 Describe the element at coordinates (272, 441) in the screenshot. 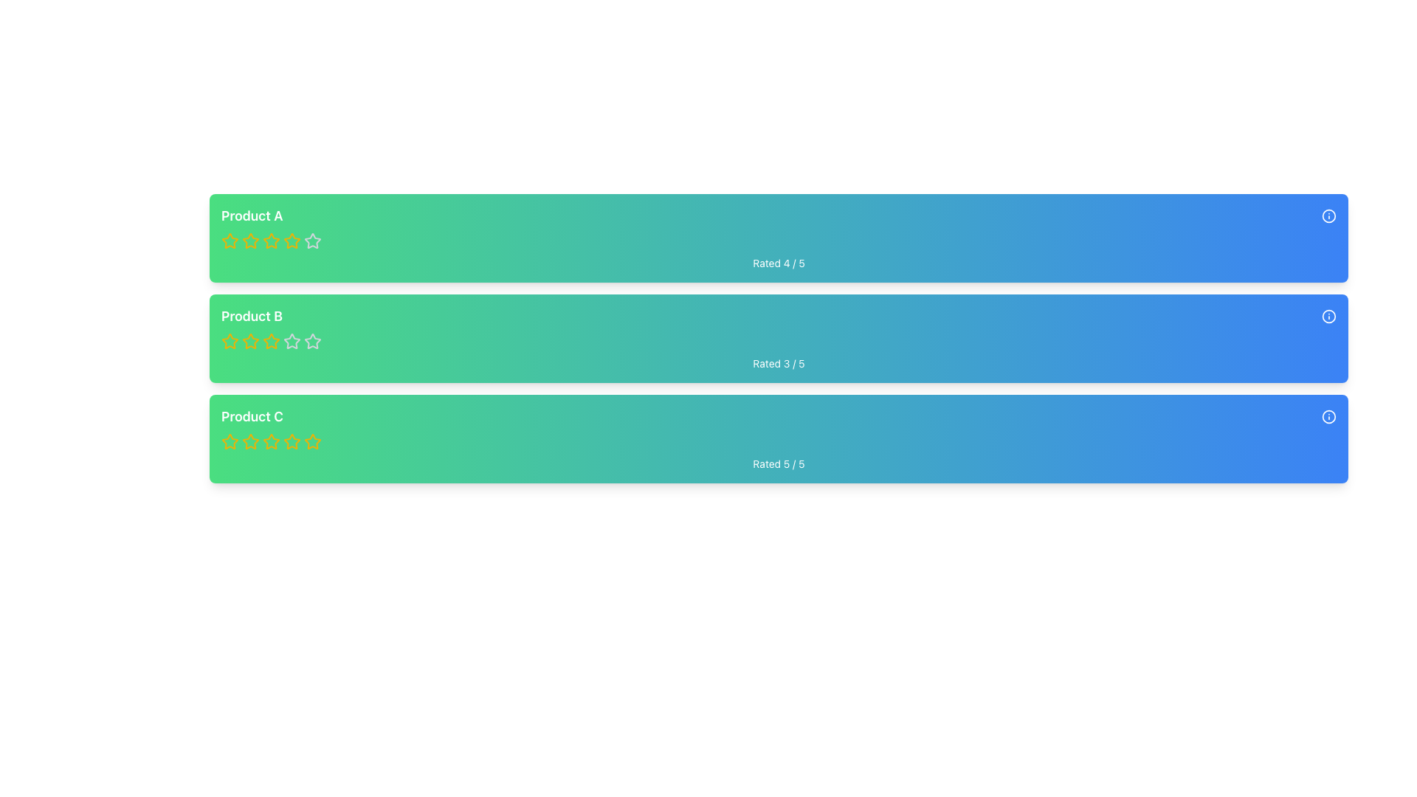

I see `the third yellow star-shaped rating icon on the green background in the 'Product C' row to rate it` at that location.